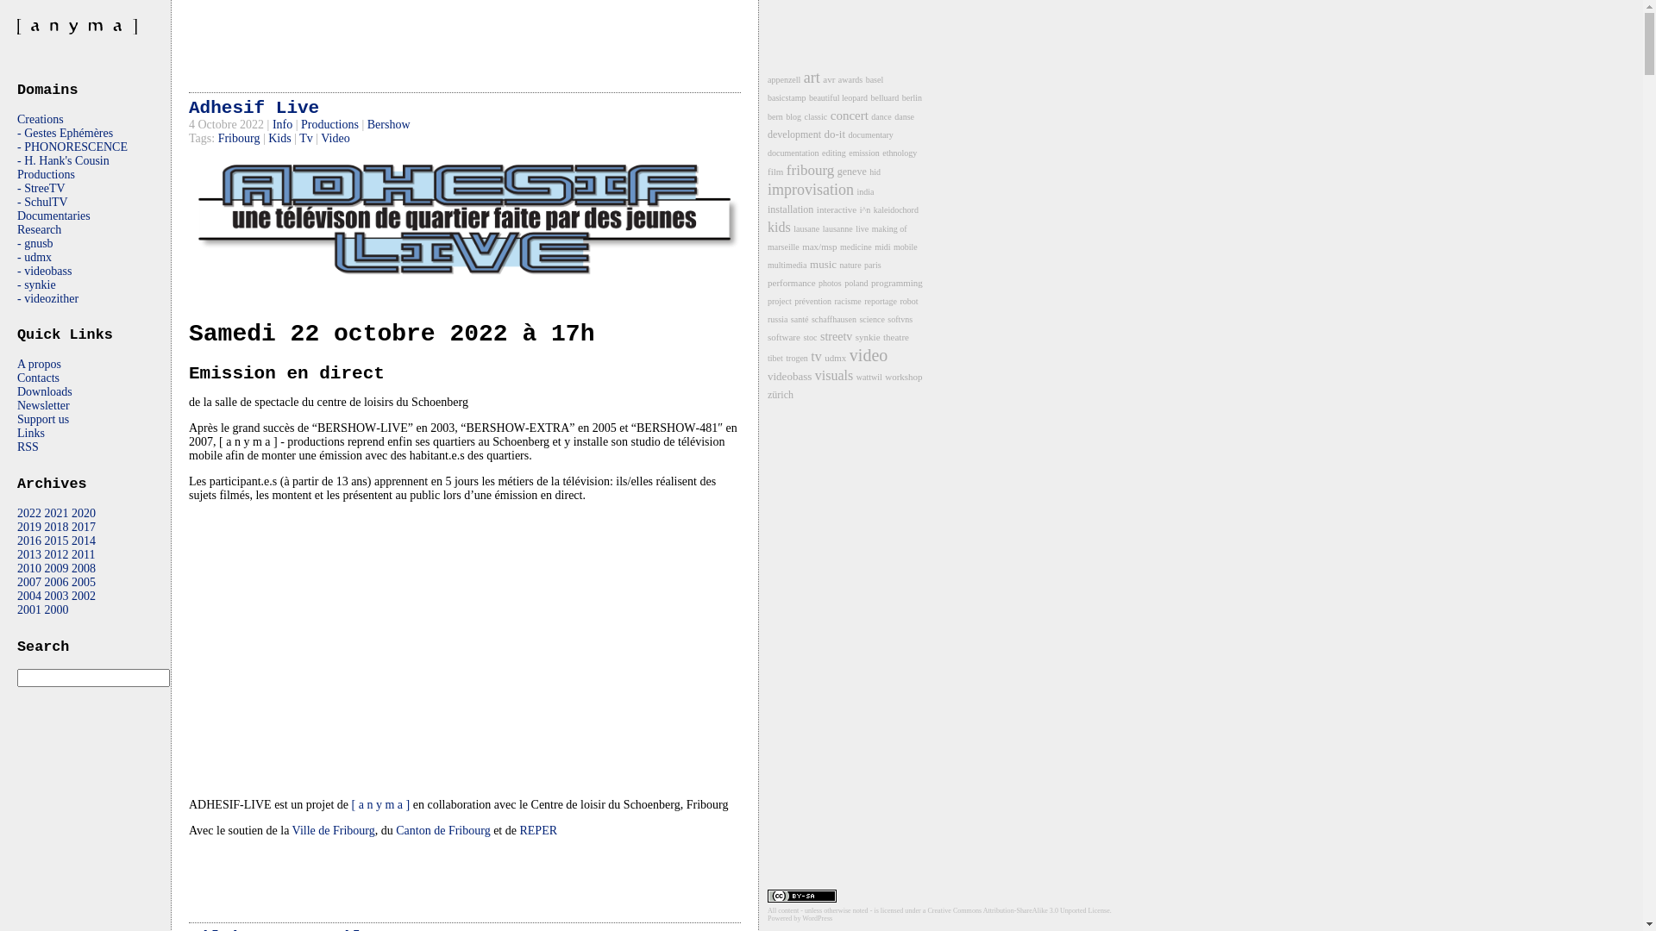  What do you see at coordinates (774, 116) in the screenshot?
I see `'bern'` at bounding box center [774, 116].